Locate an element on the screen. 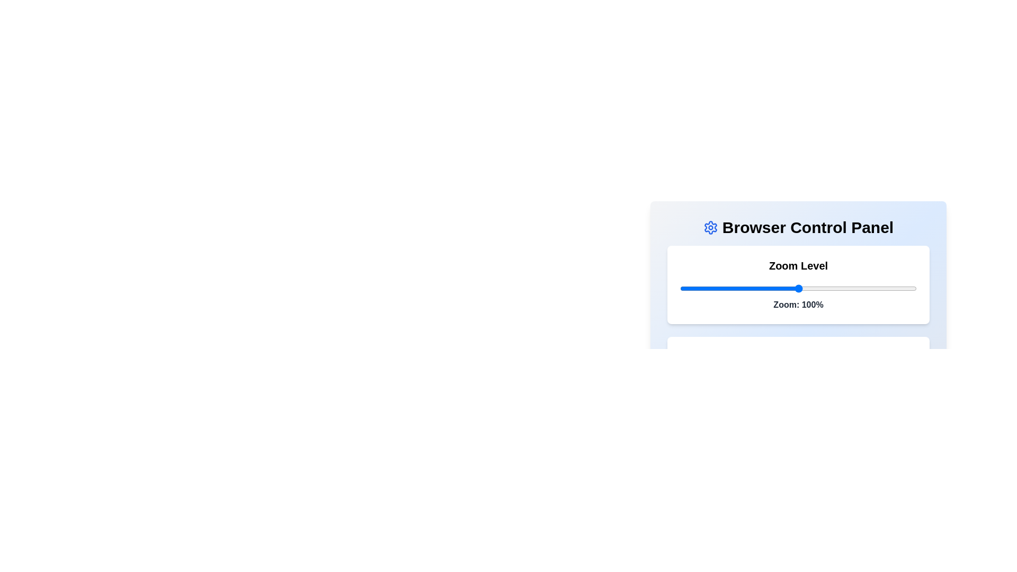  the zoom level to 108% using the slider is located at coordinates (817, 288).